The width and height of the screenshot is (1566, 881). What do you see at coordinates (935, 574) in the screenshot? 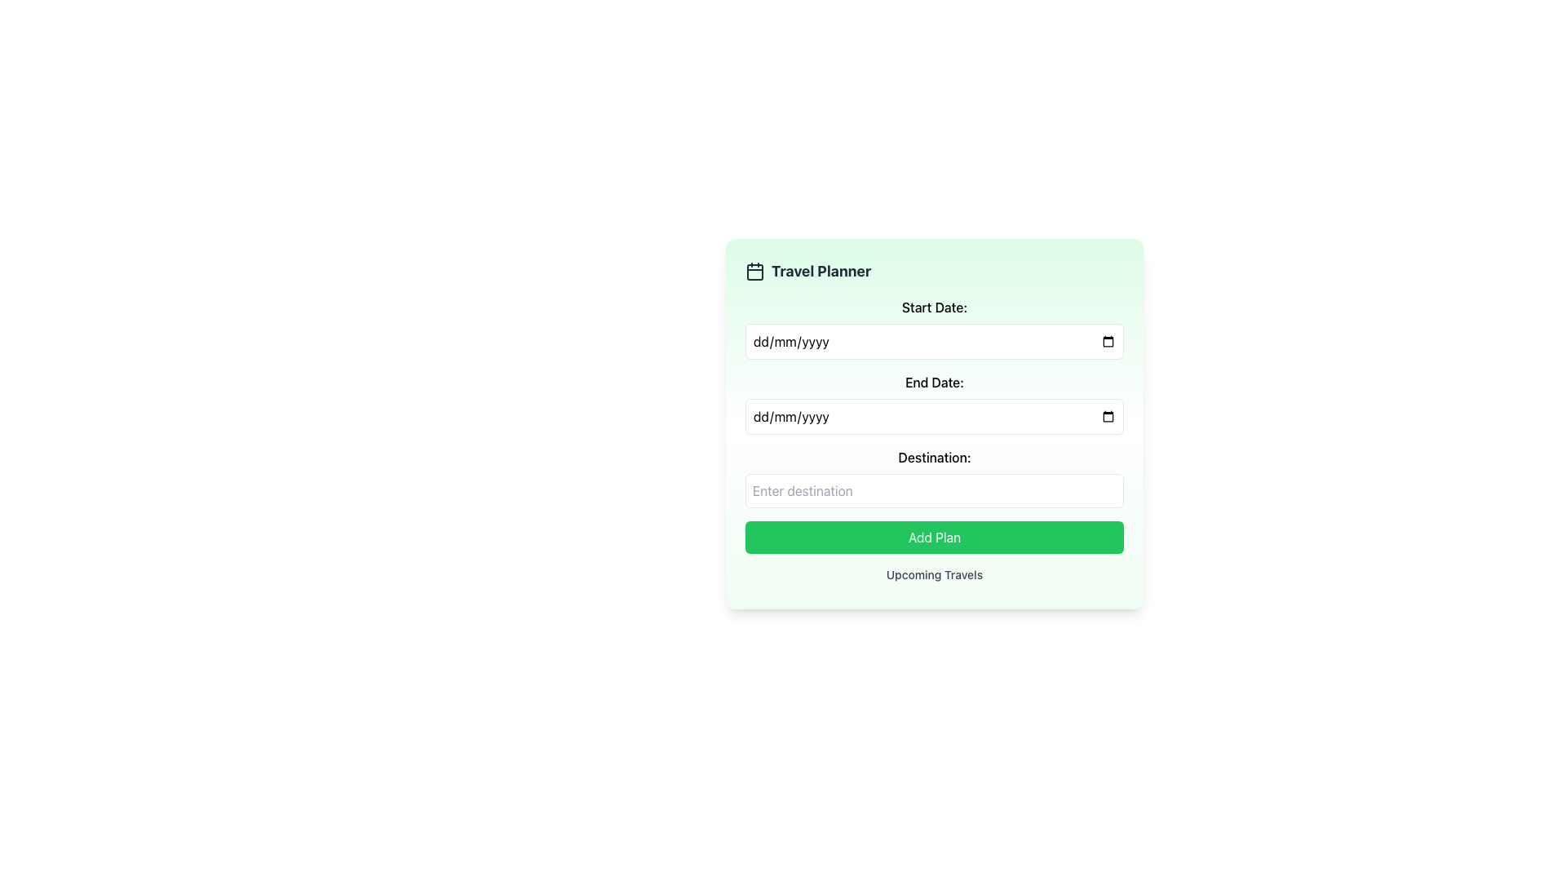
I see `the title or header text located at the bottom of the 'Travel Planner' section, directly below the 'Add Plan' button` at bounding box center [935, 574].